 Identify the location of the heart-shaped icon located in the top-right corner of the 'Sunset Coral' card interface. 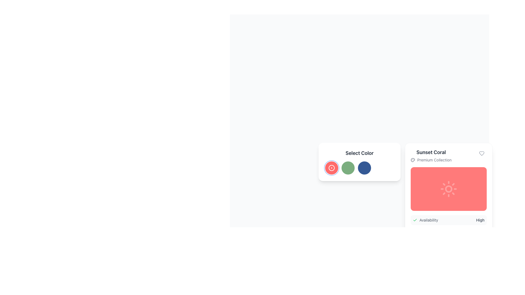
(482, 154).